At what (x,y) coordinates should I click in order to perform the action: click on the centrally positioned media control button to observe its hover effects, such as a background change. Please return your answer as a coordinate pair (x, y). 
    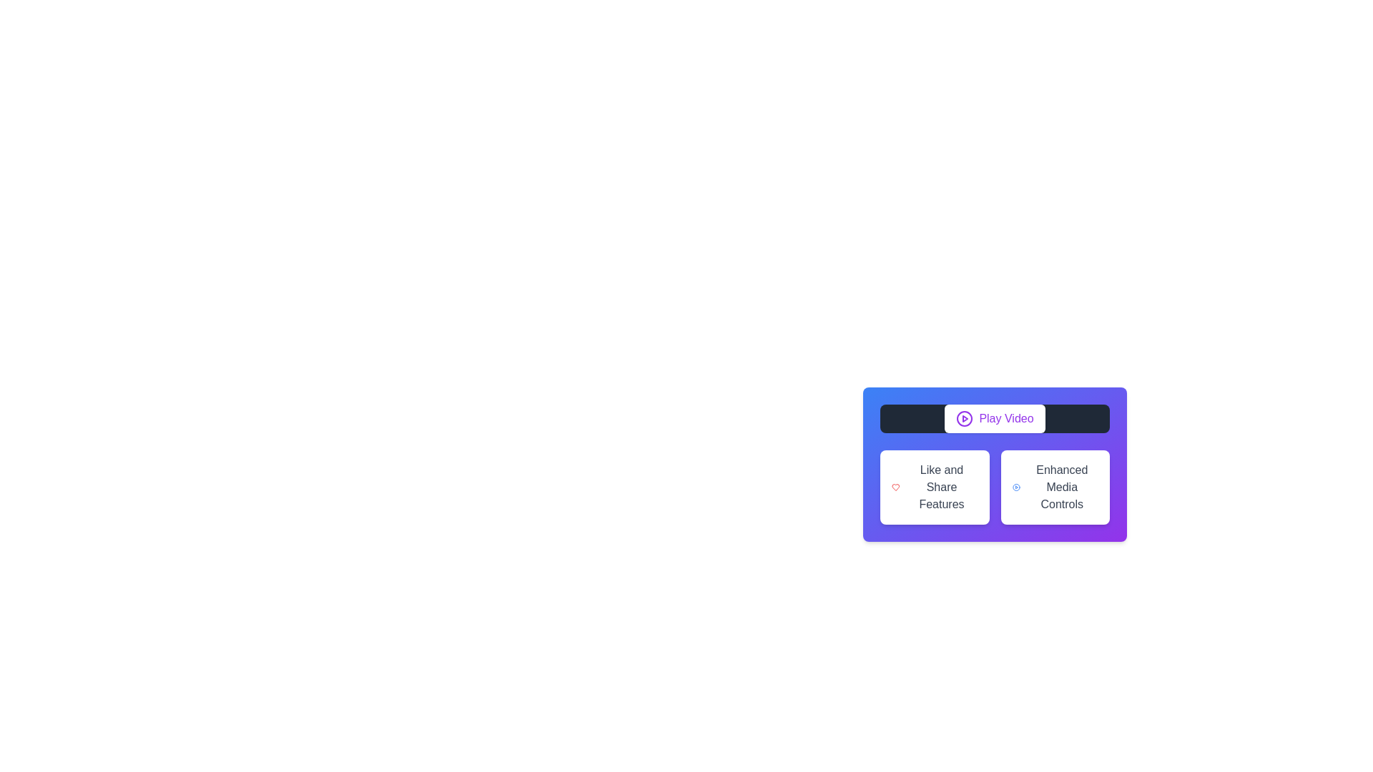
    Looking at the image, I should click on (994, 418).